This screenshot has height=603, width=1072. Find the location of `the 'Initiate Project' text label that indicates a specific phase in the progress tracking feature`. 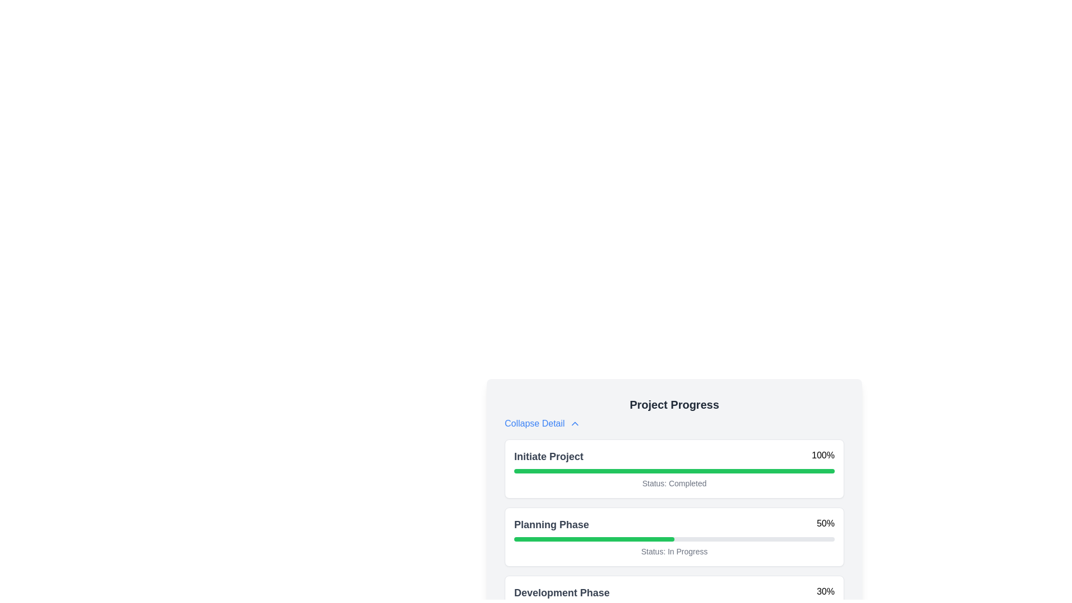

the 'Initiate Project' text label that indicates a specific phase in the progress tracking feature is located at coordinates (549, 456).